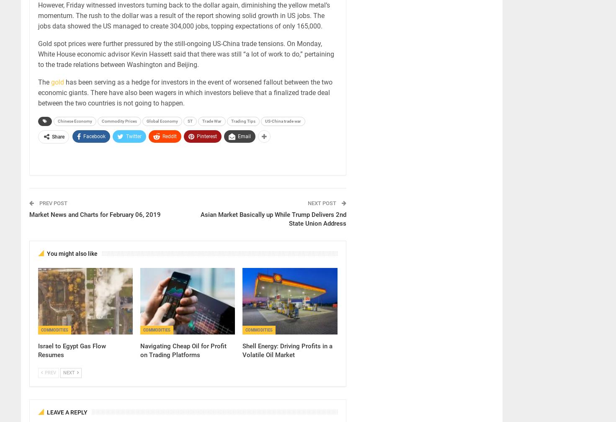  I want to click on 'Commodity Prices', so click(102, 121).